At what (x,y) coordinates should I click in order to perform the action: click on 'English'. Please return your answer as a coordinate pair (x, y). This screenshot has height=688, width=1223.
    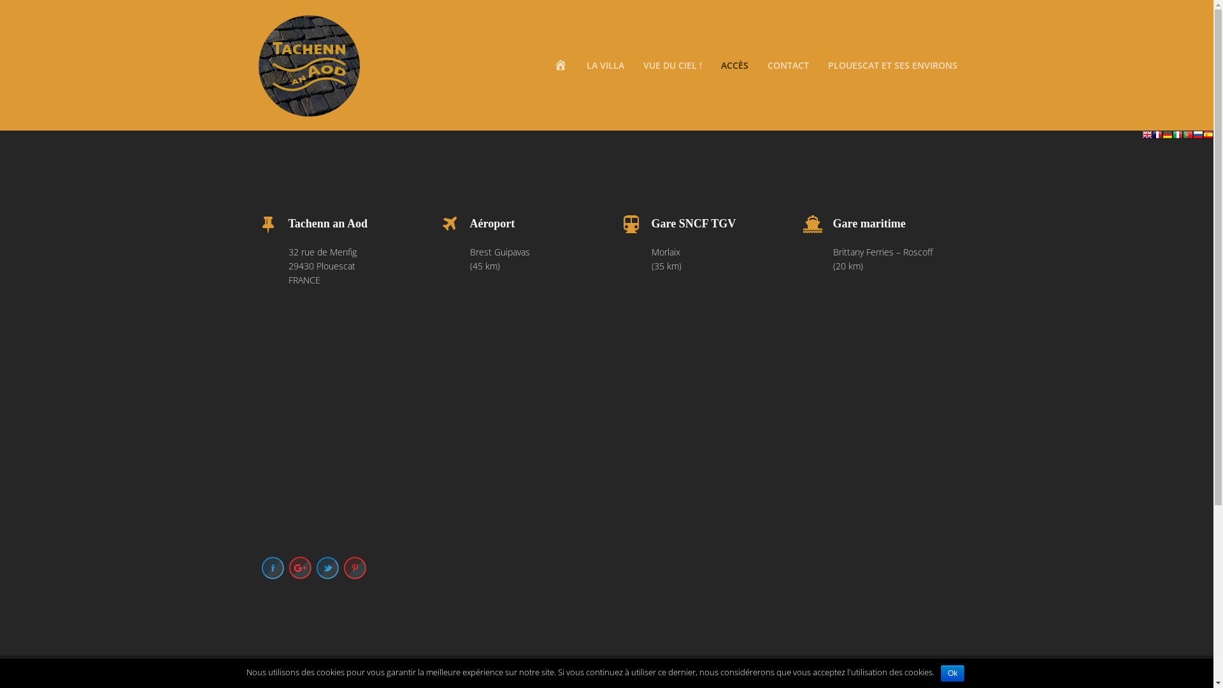
    Looking at the image, I should click on (1147, 138).